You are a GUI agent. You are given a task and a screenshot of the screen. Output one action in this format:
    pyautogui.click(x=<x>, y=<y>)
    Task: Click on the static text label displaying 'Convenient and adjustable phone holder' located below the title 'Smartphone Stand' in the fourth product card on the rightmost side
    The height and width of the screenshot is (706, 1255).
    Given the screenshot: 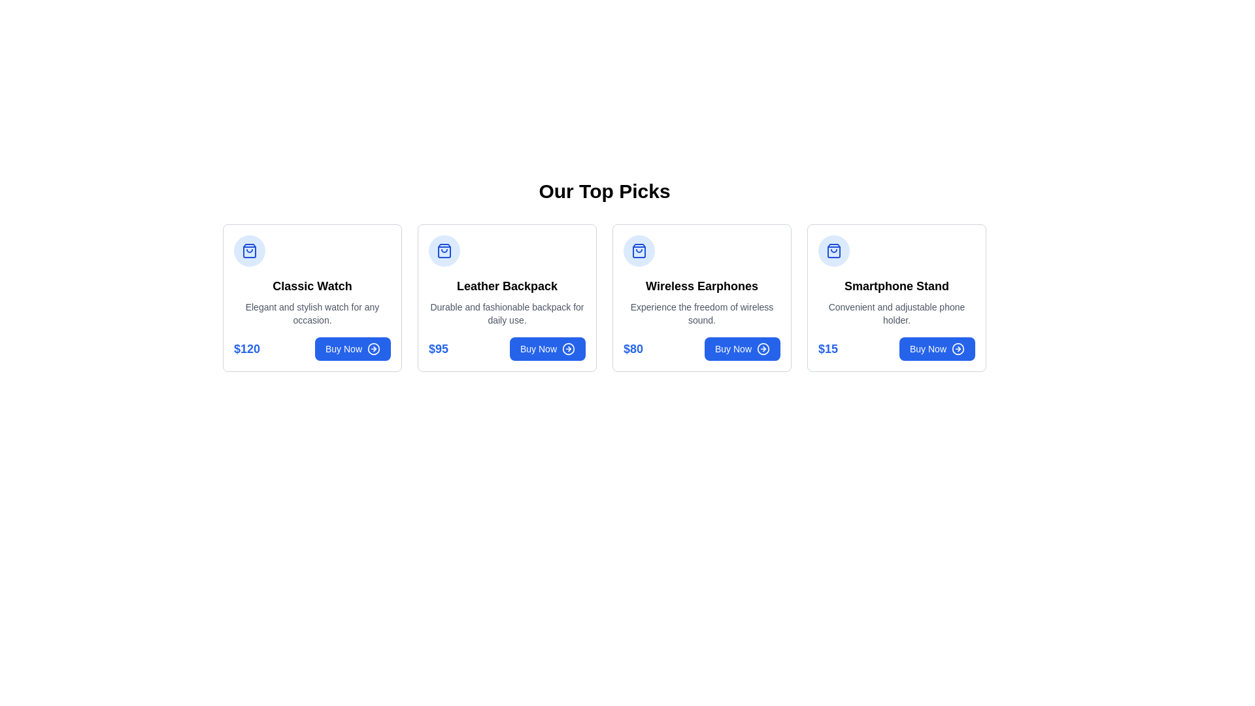 What is the action you would take?
    pyautogui.click(x=896, y=313)
    